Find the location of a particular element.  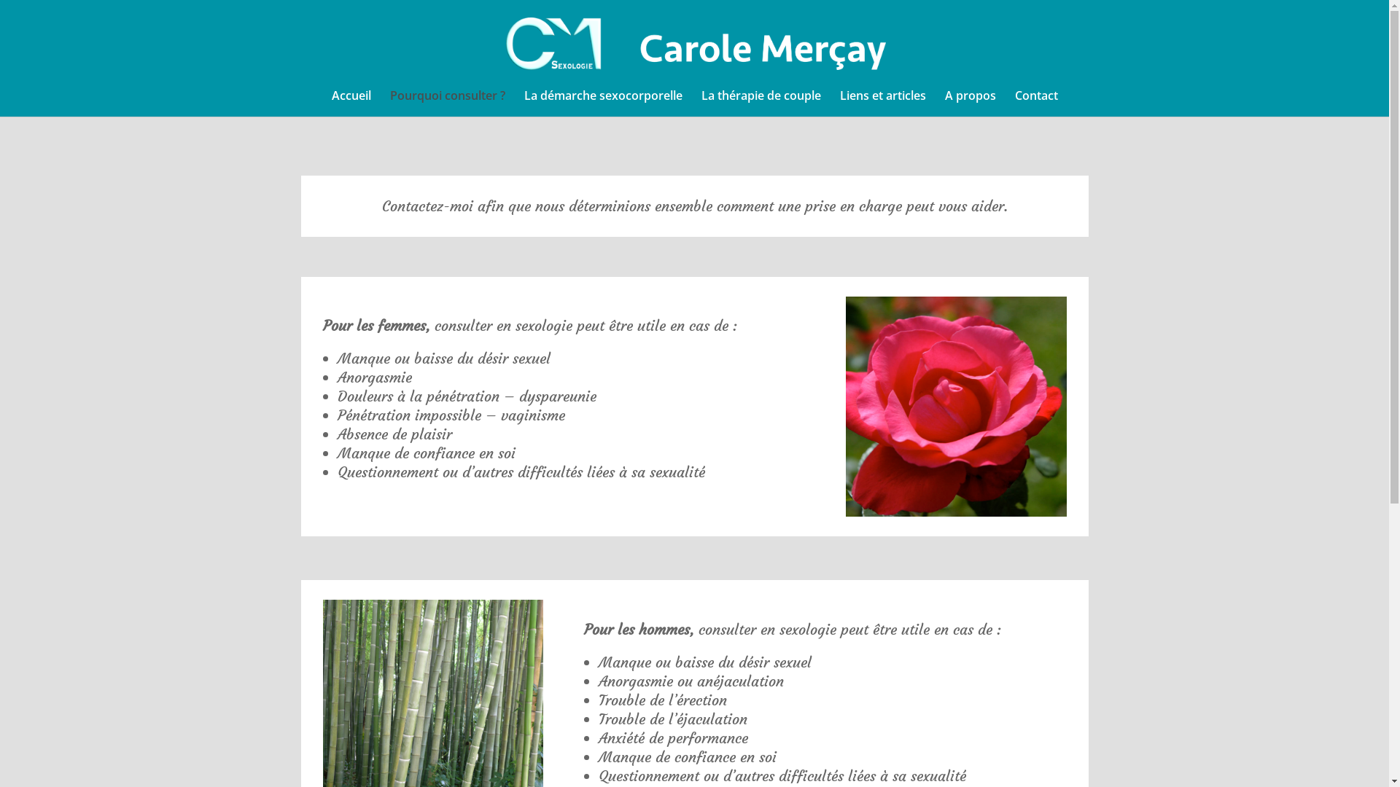

'Pourquoi consulter ?' is located at coordinates (446, 103).